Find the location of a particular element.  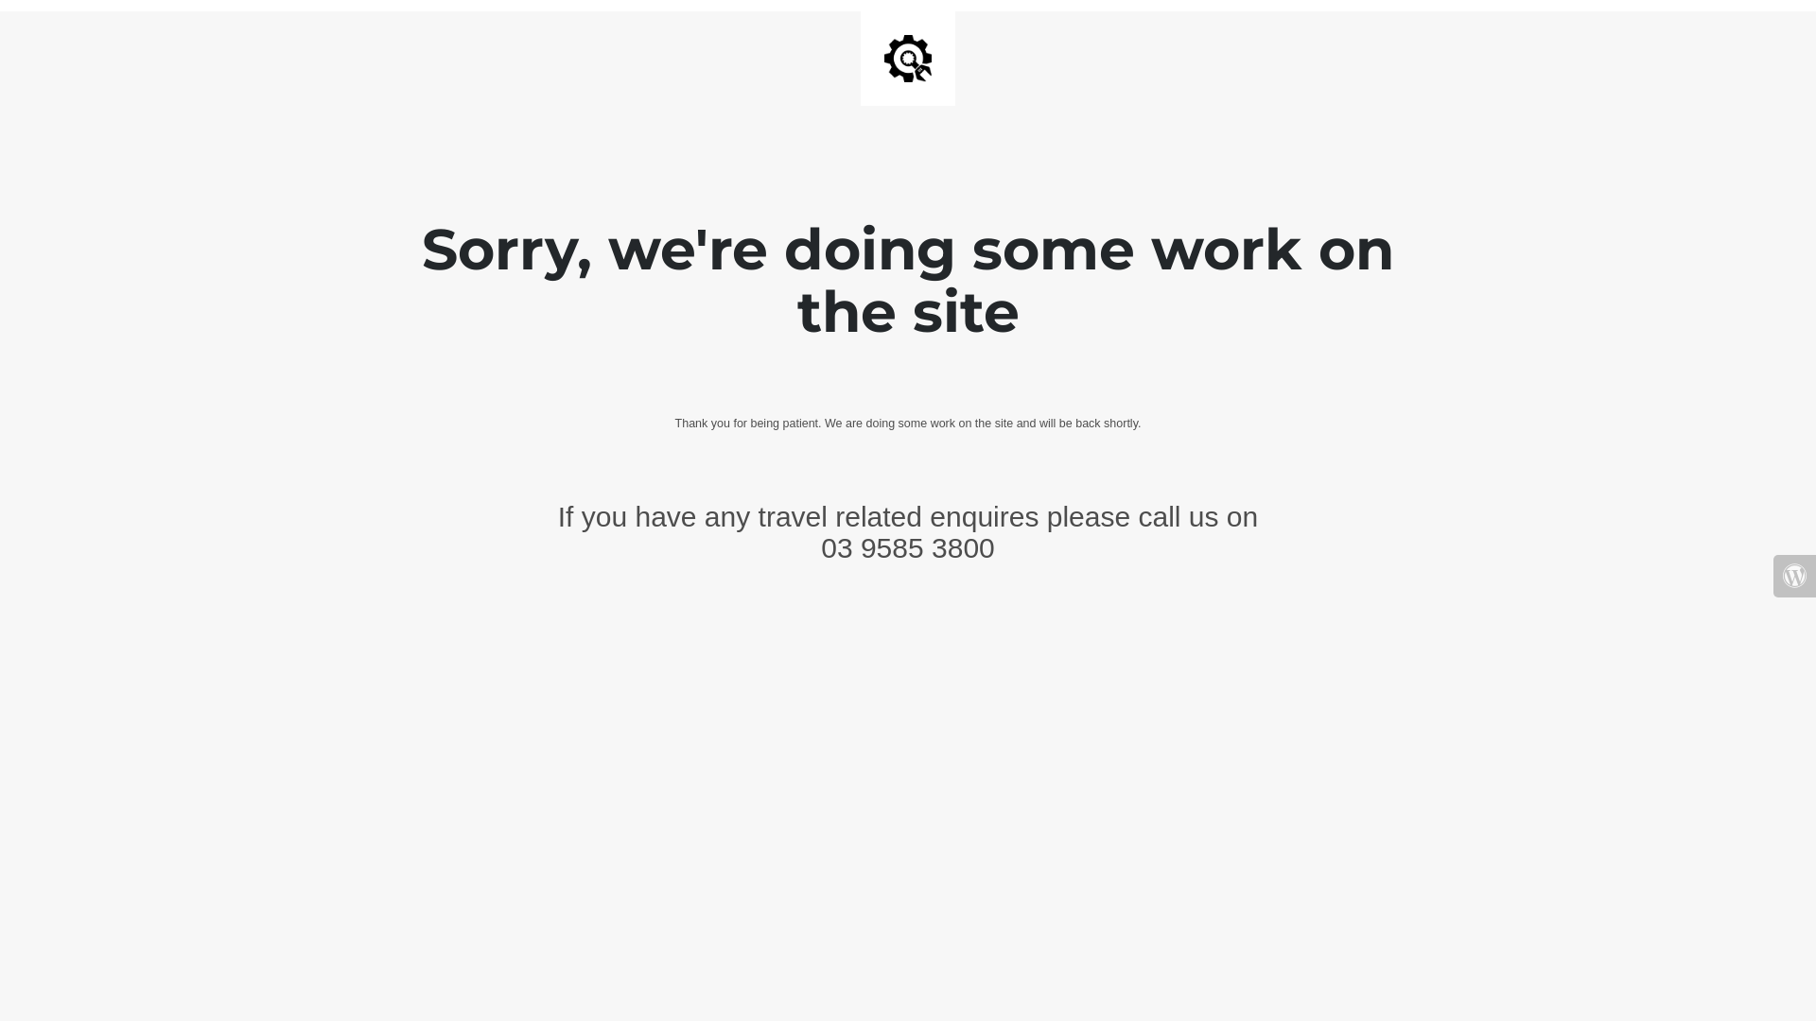

'Site is Under Construction' is located at coordinates (908, 57).